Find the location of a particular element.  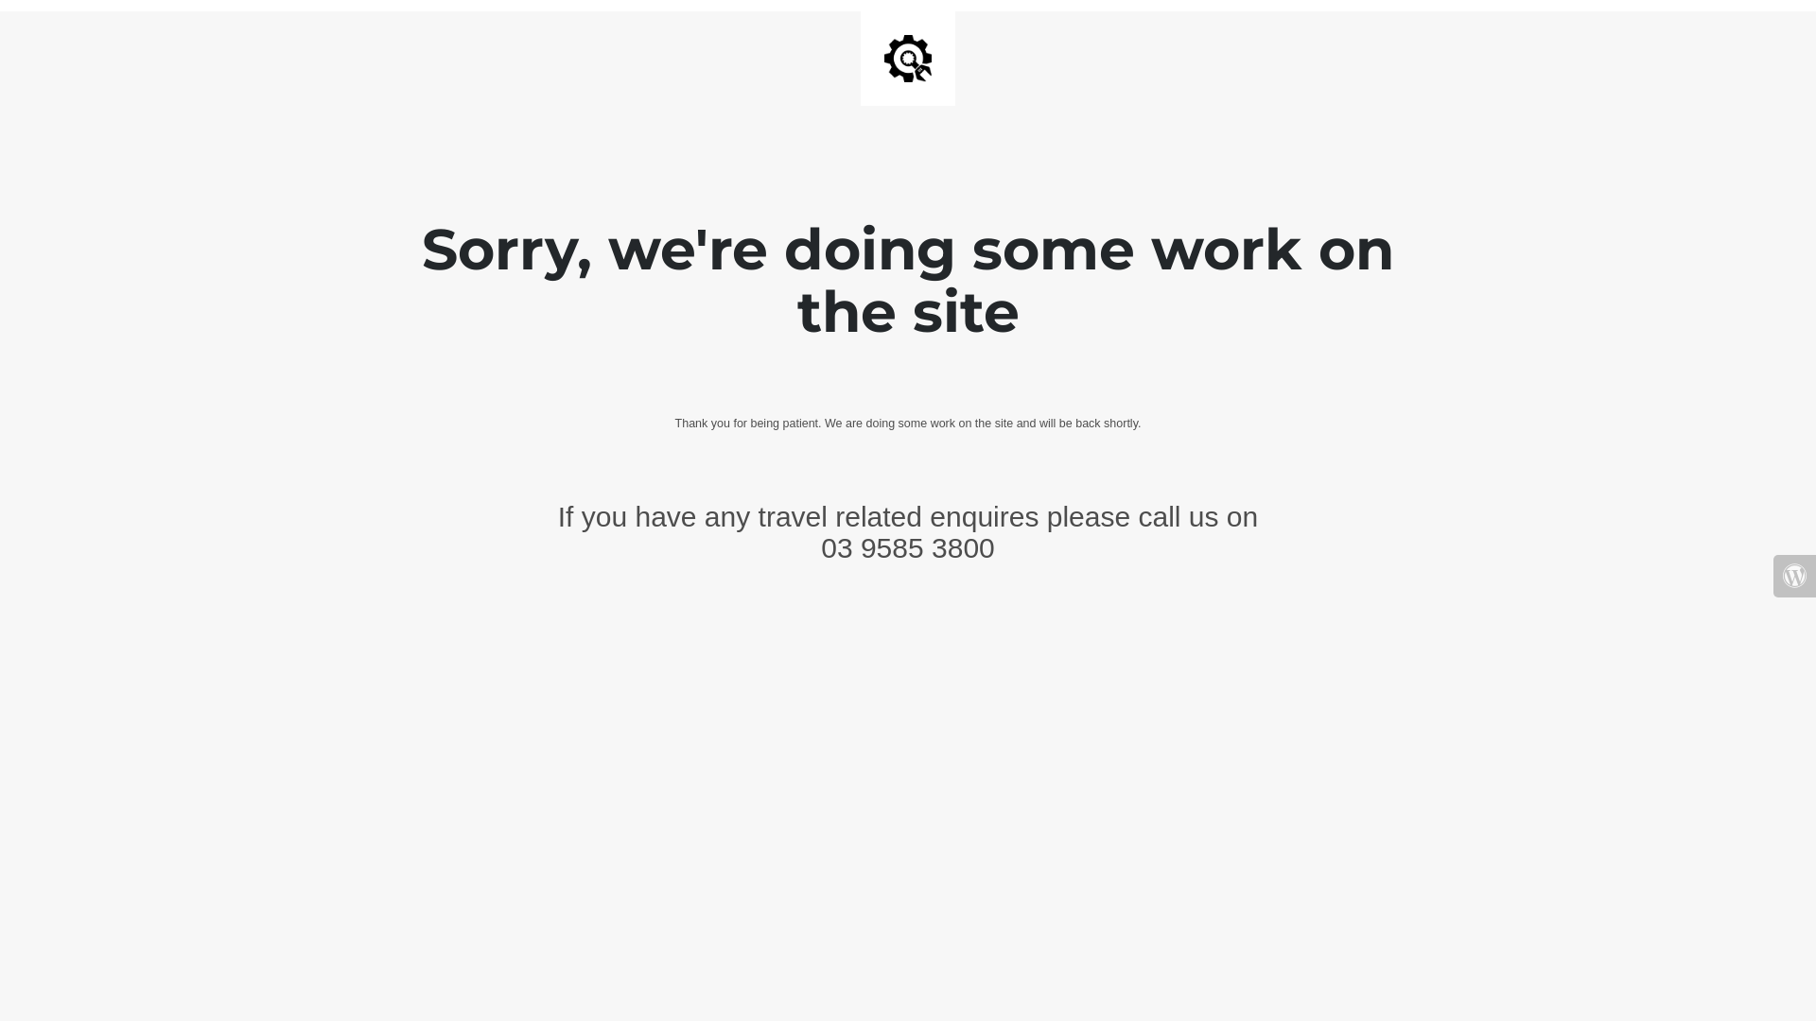

'Site is Under Construction' is located at coordinates (908, 57).